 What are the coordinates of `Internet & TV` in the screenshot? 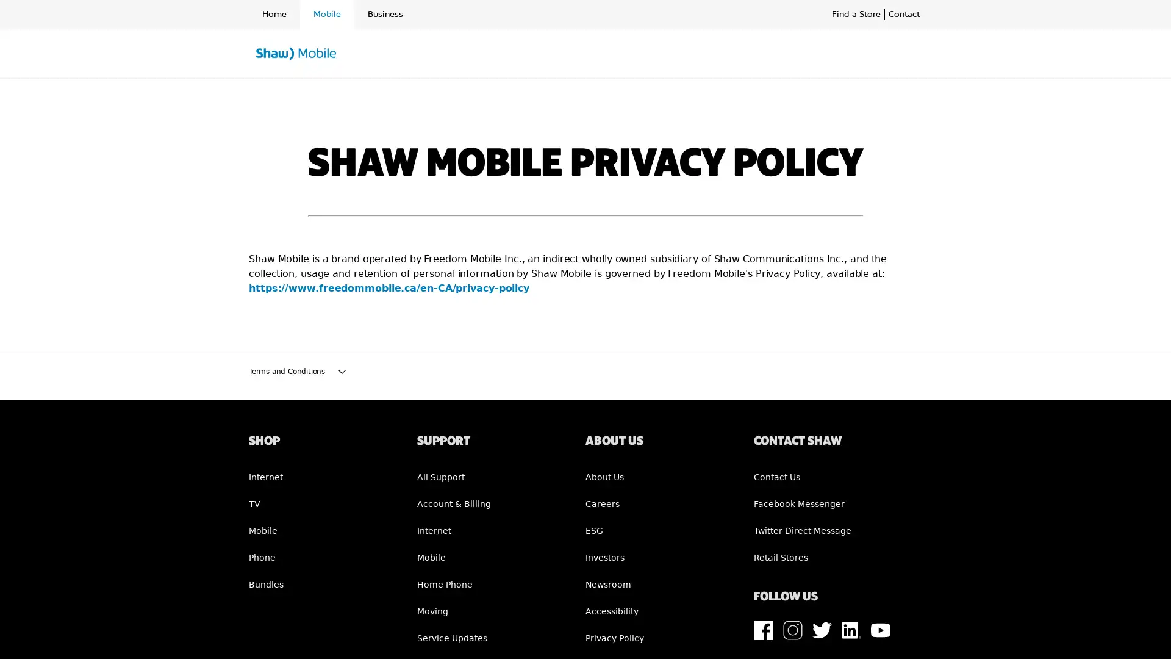 It's located at (525, 54).